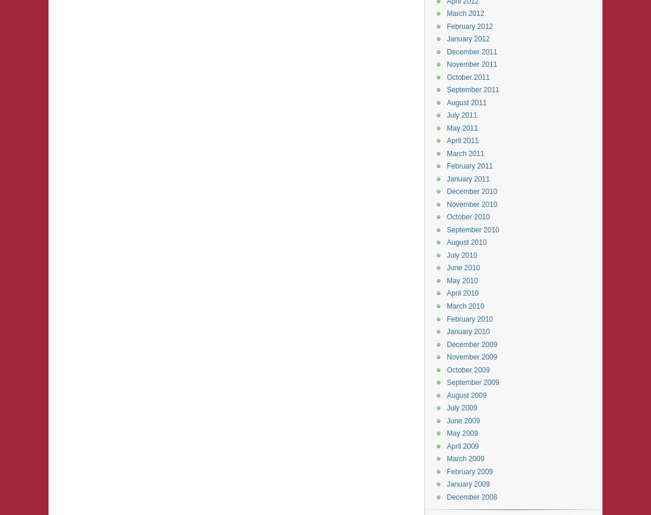 The image size is (651, 515). What do you see at coordinates (465, 458) in the screenshot?
I see `'March 2009'` at bounding box center [465, 458].